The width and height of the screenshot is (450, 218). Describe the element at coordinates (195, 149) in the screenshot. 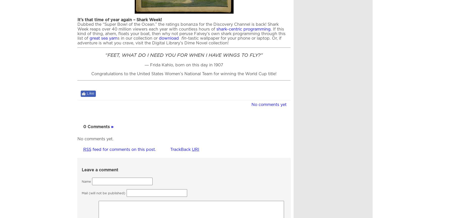

I see `'URI'` at that location.